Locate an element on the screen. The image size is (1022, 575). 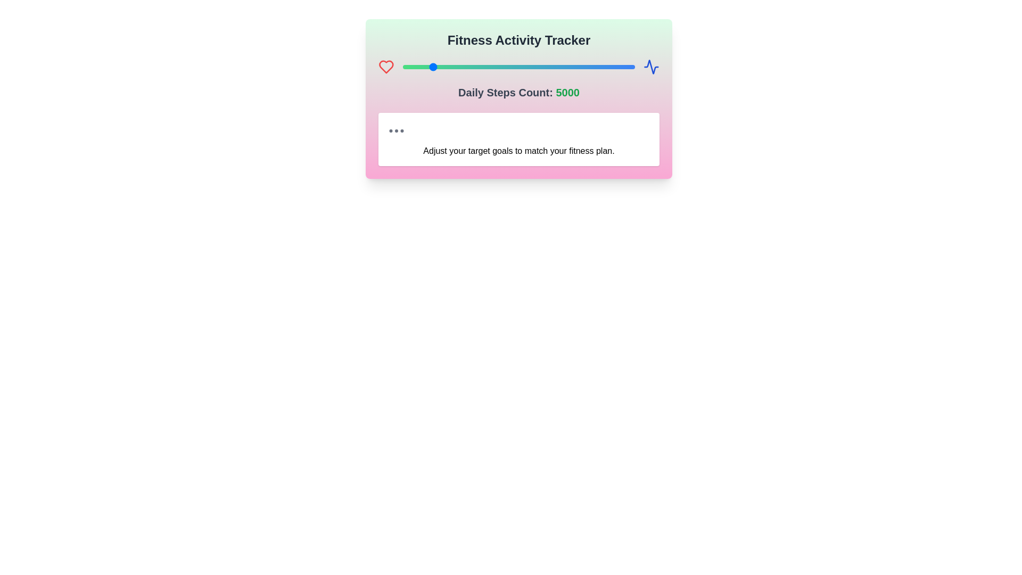
the steps count to 14877 using the slider is located at coordinates (564, 67).